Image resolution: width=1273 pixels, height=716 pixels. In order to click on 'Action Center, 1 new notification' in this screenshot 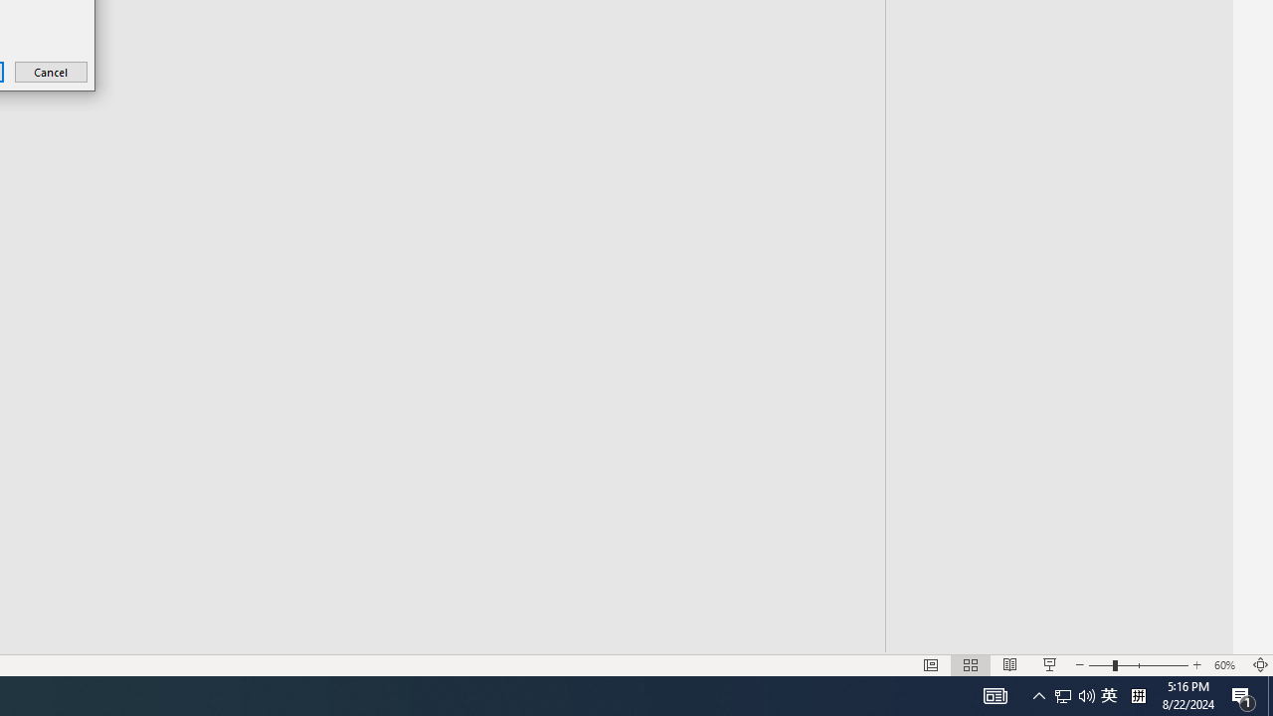, I will do `click(1243, 694)`.